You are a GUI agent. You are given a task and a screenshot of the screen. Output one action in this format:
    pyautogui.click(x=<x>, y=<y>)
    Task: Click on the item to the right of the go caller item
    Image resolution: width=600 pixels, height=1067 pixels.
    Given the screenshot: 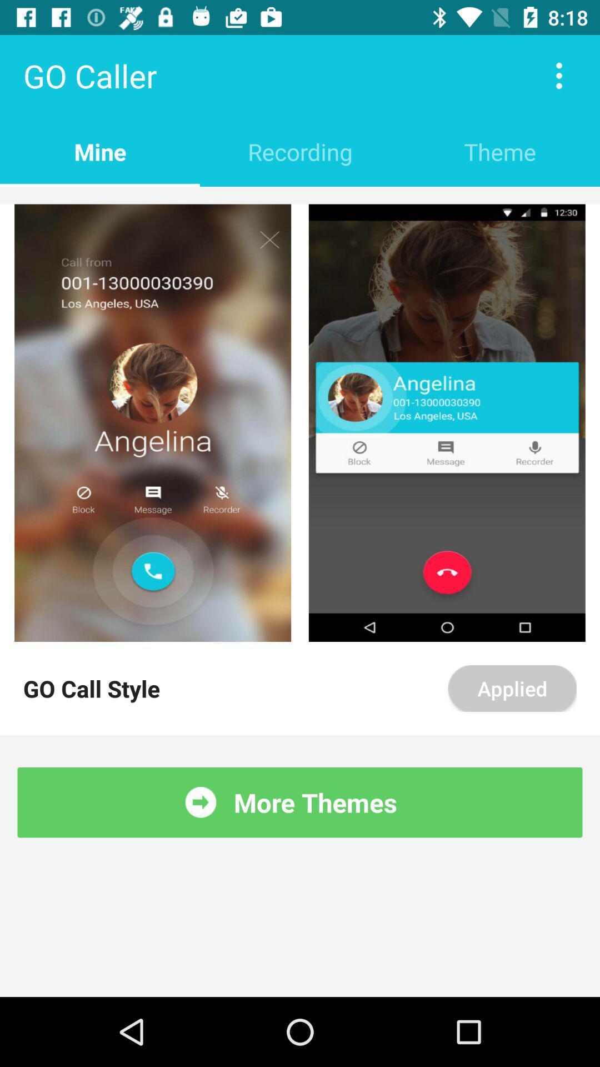 What is the action you would take?
    pyautogui.click(x=559, y=75)
    